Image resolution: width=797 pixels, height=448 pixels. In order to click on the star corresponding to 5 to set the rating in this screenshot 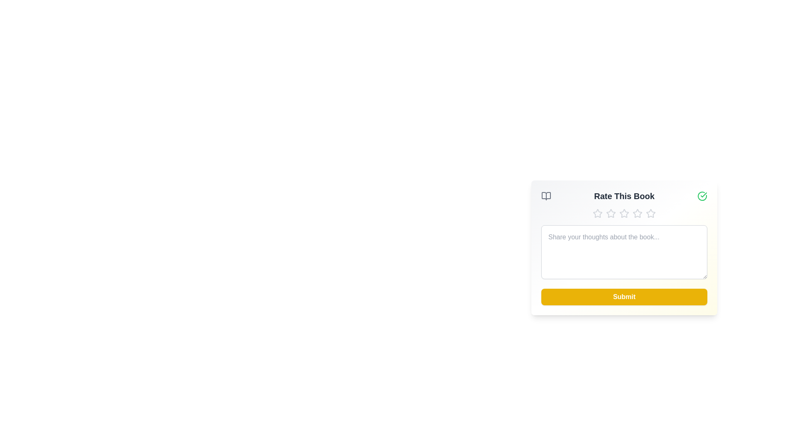, I will do `click(650, 213)`.